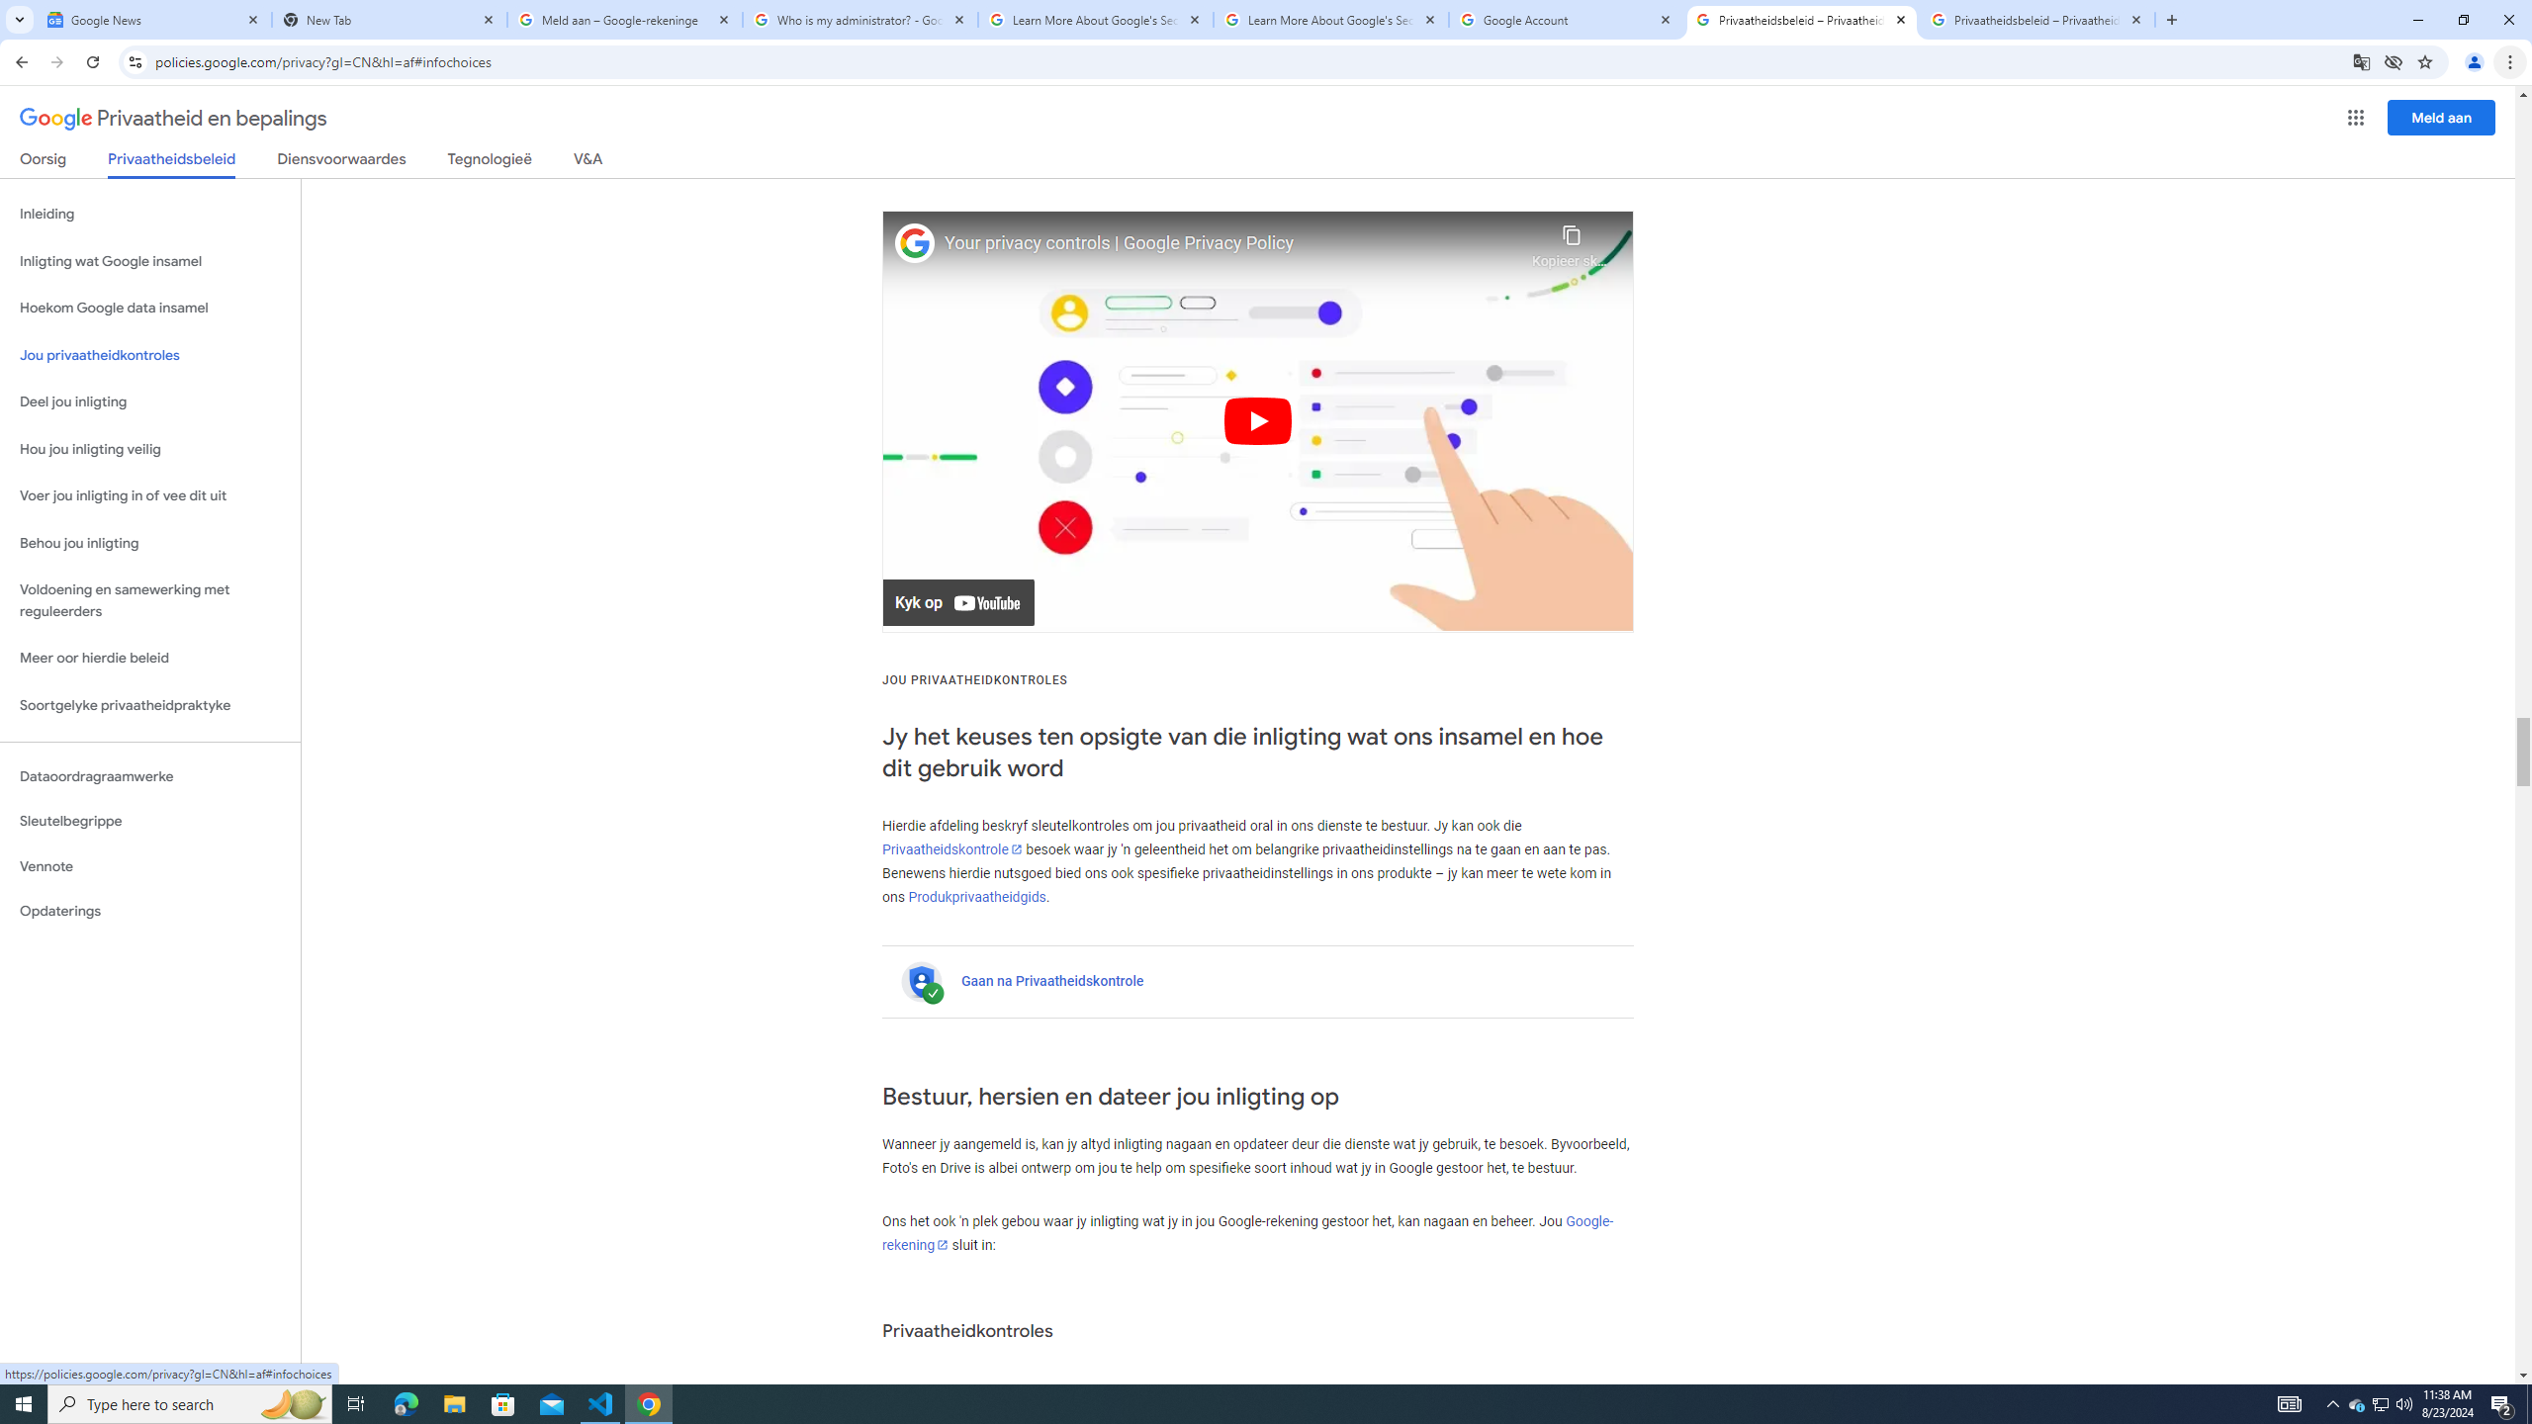 The width and height of the screenshot is (2532, 1424). I want to click on 'Privaatheidskontrole', so click(951, 847).